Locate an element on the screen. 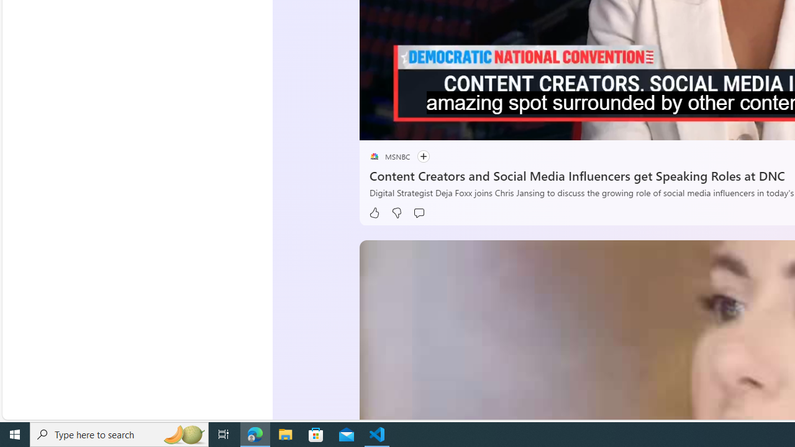 This screenshot has width=795, height=447. 'Like' is located at coordinates (373, 212).